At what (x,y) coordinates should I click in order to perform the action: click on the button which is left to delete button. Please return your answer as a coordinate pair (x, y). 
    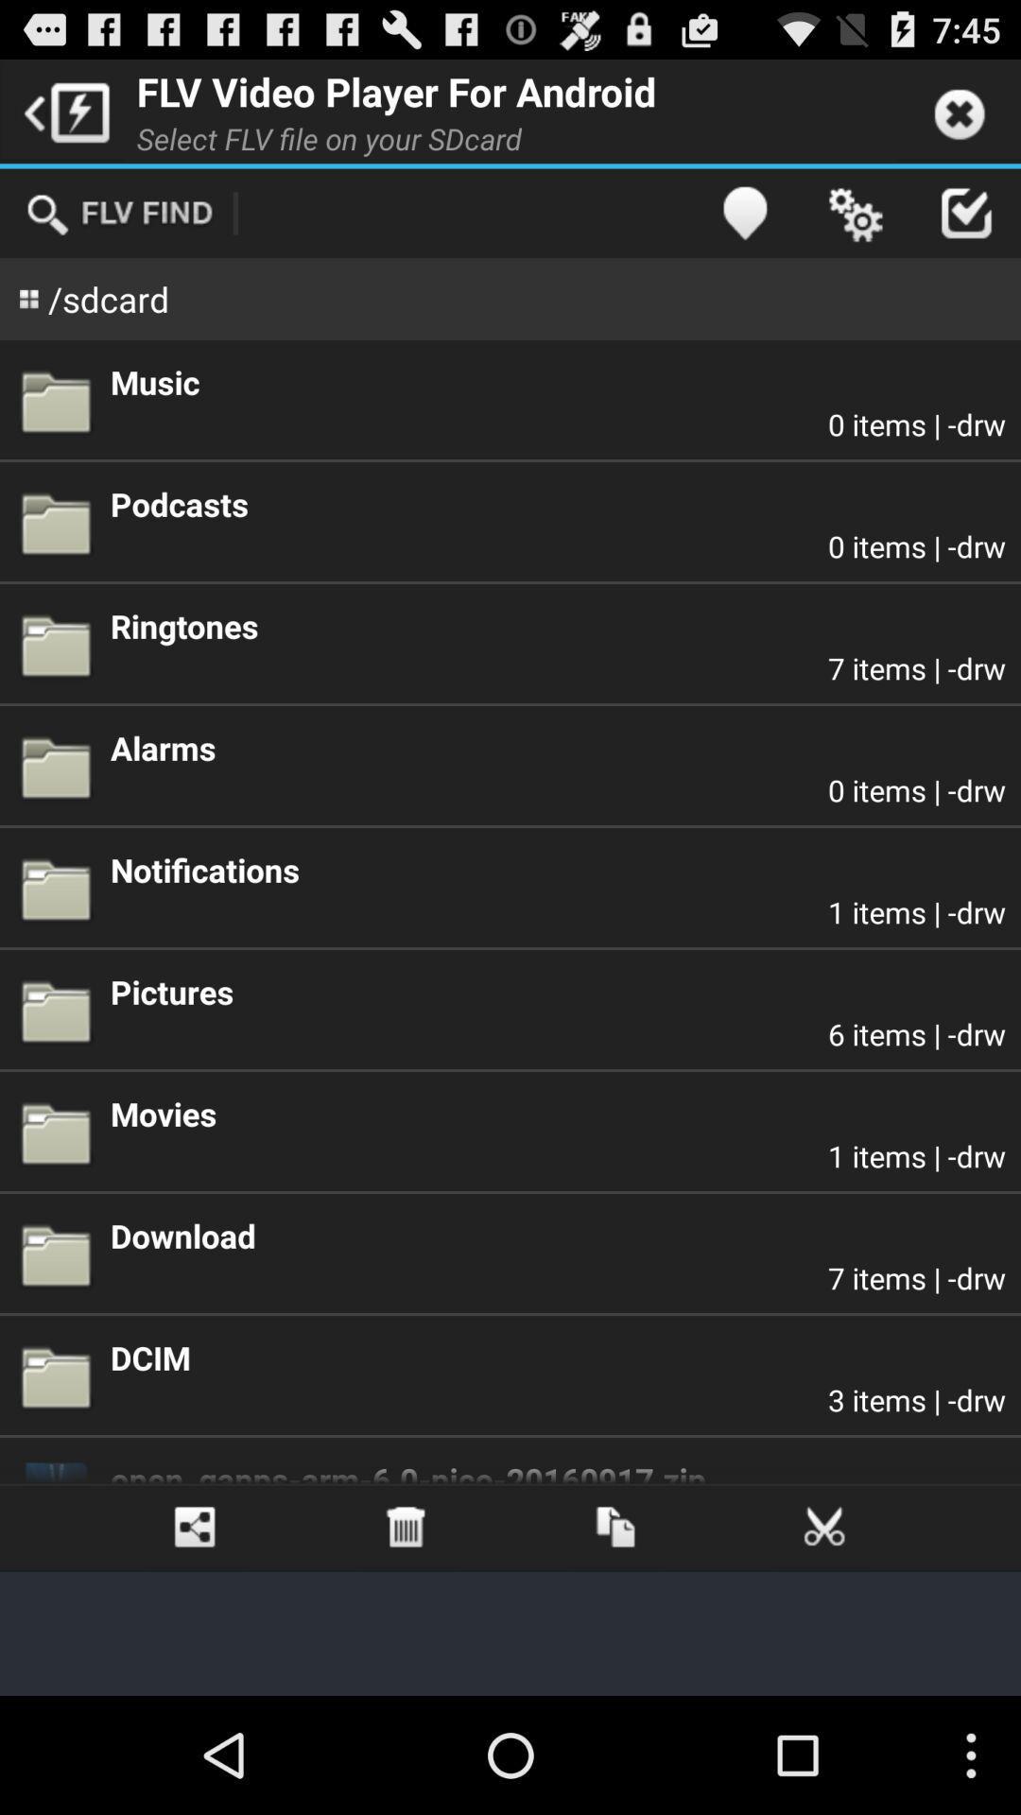
    Looking at the image, I should click on (196, 1528).